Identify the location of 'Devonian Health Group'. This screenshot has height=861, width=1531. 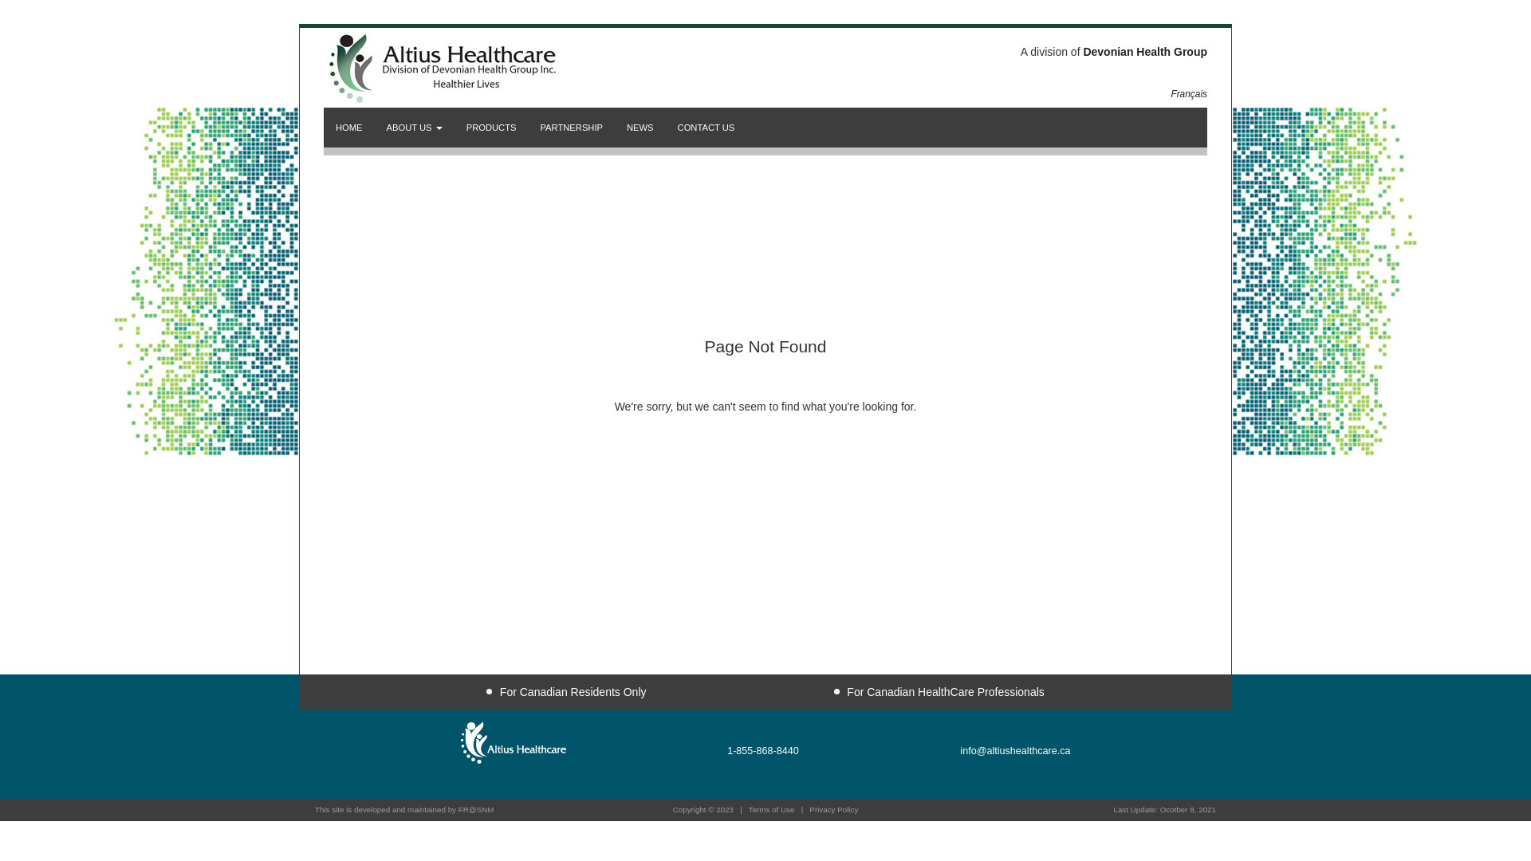
(1143, 51).